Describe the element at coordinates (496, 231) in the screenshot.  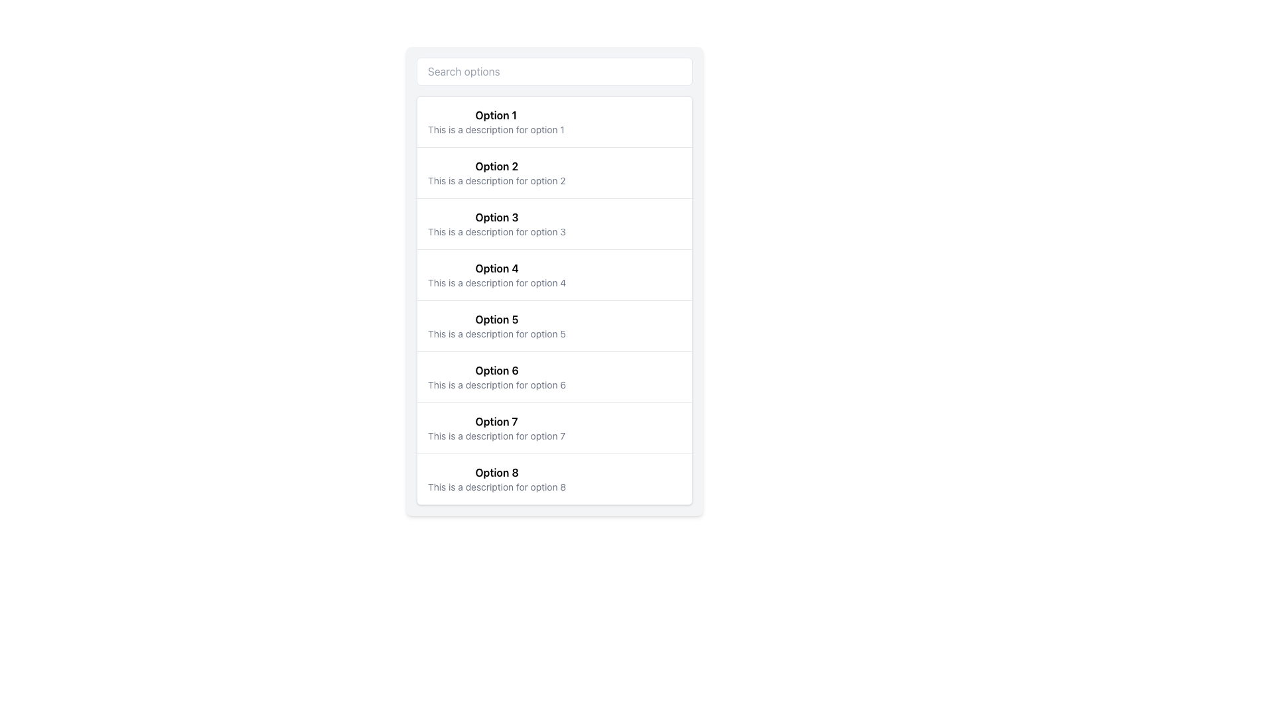
I see `the descriptive Text Label element displayed in a smaller, lighter gray font beneath 'Option 3'` at that location.